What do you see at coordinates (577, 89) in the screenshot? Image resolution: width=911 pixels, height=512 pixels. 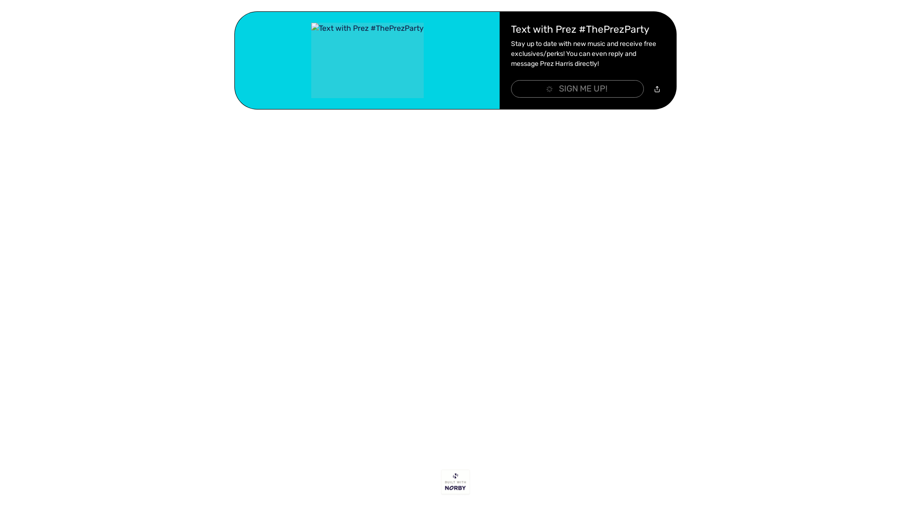 I see `'SIGN ME UP!'` at bounding box center [577, 89].